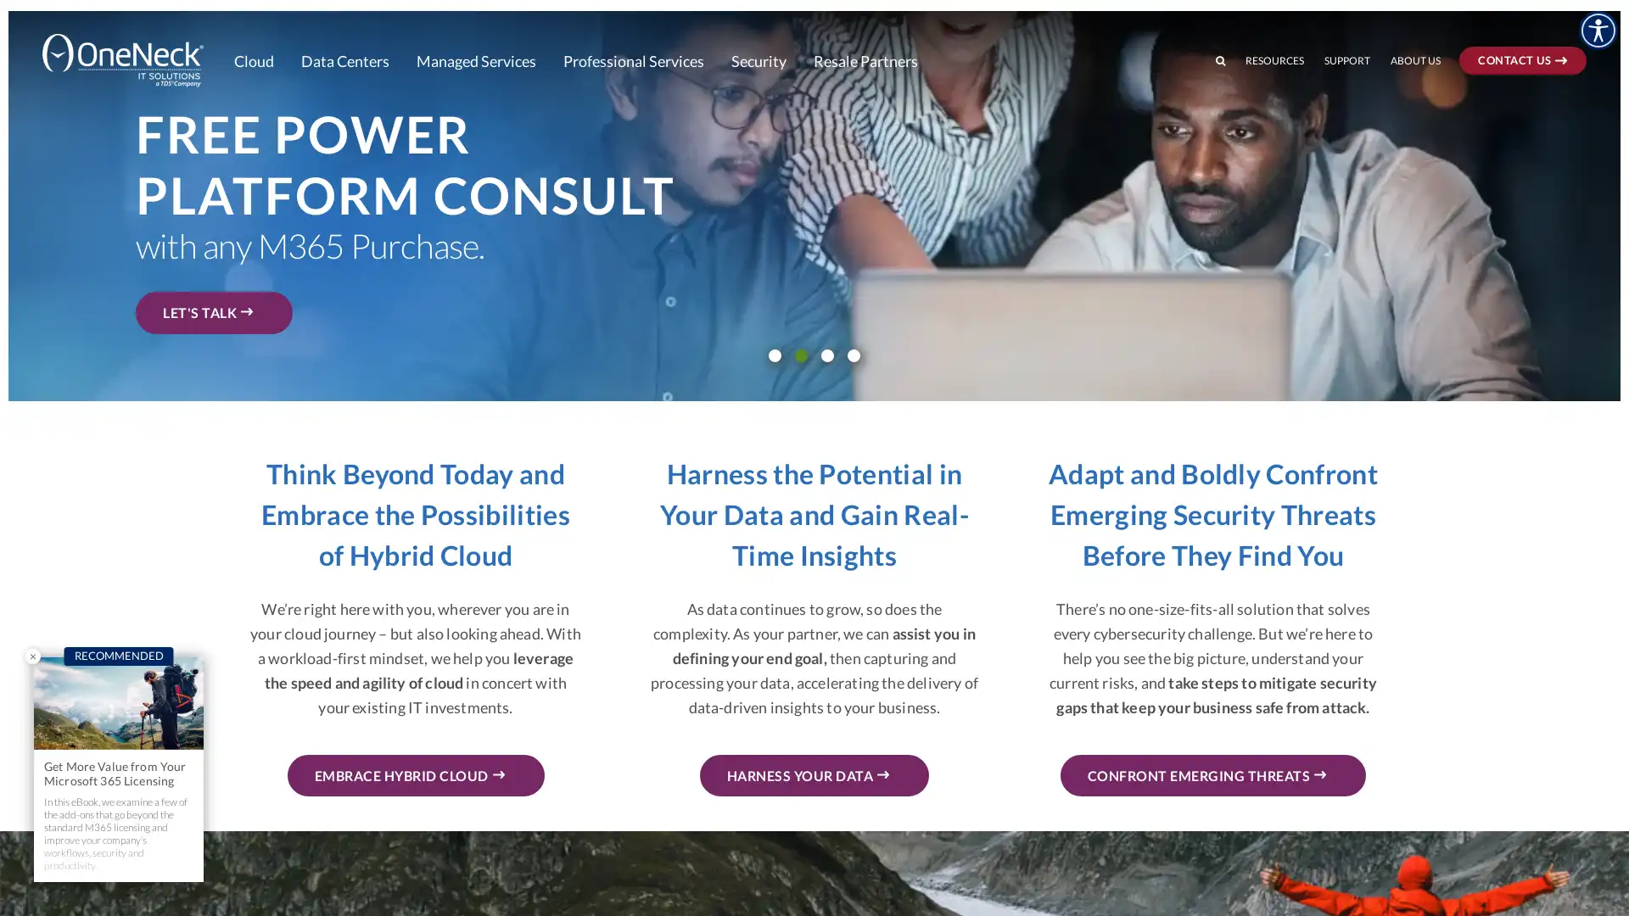  Describe the element at coordinates (1523, 59) in the screenshot. I see `CONTACT US` at that location.